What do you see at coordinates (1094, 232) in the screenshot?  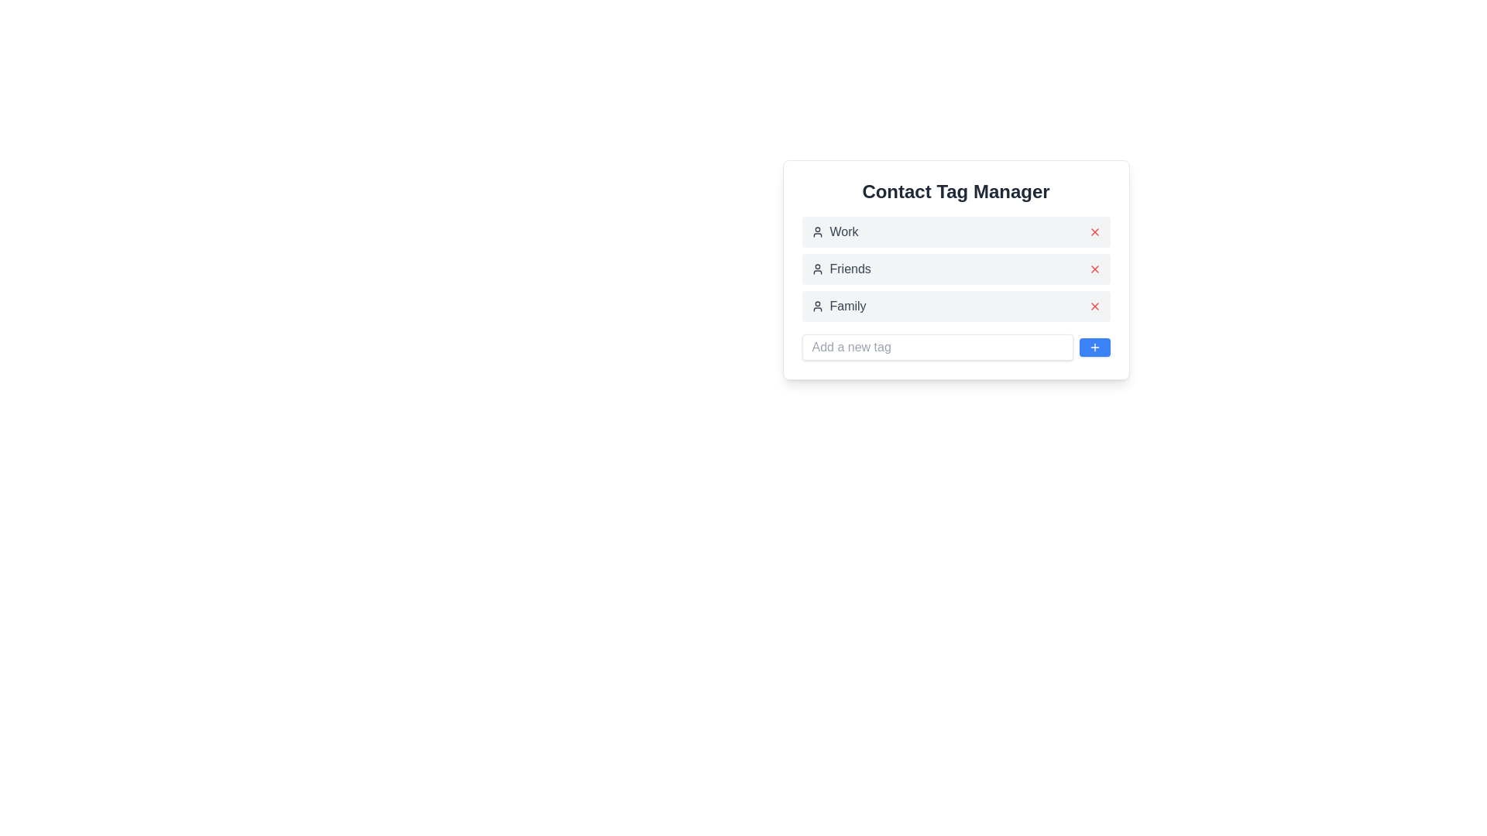 I see `the delete button located to the right of the 'Work' label` at bounding box center [1094, 232].